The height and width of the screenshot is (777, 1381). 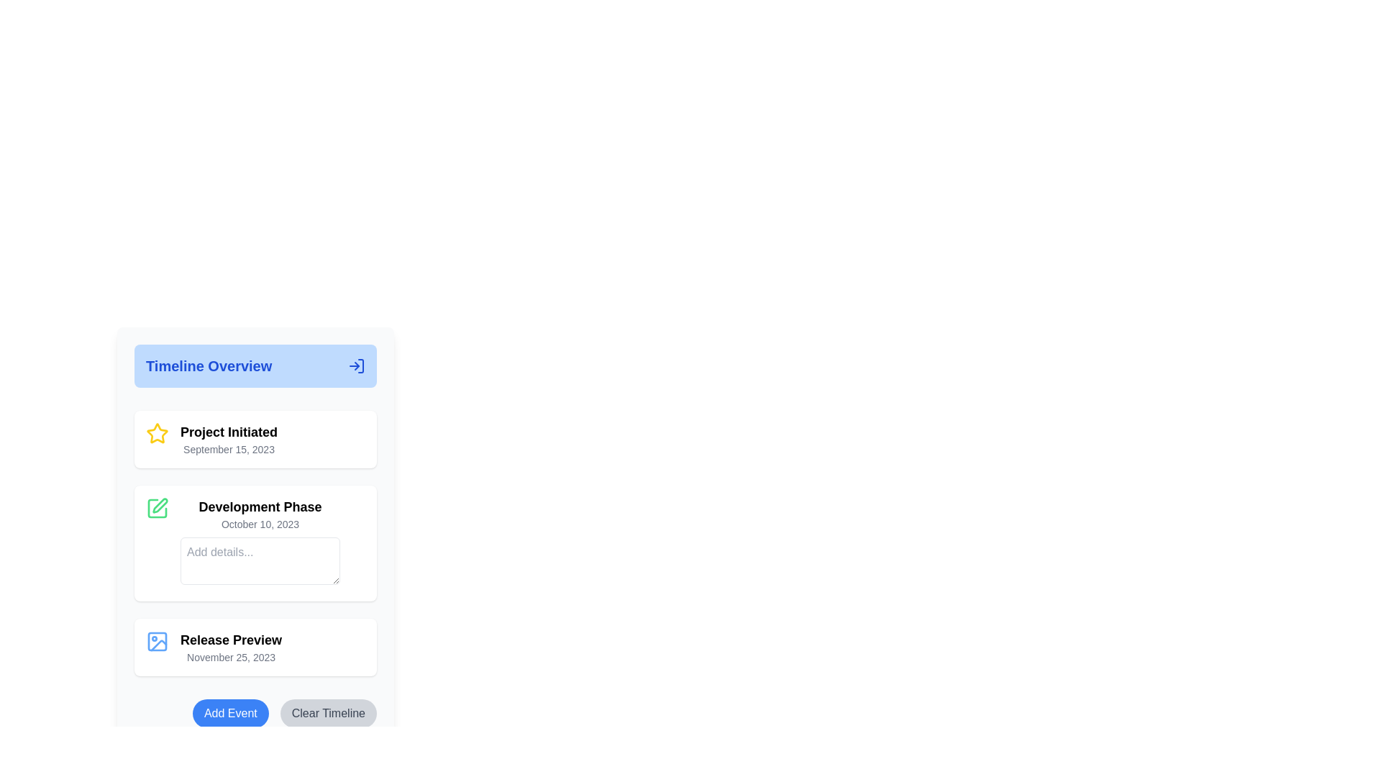 I want to click on the 'Clear Timeline' button, which has a light gray background with rounded edges and contains the text 'Clear Timeline' in dark gray, so click(x=327, y=713).